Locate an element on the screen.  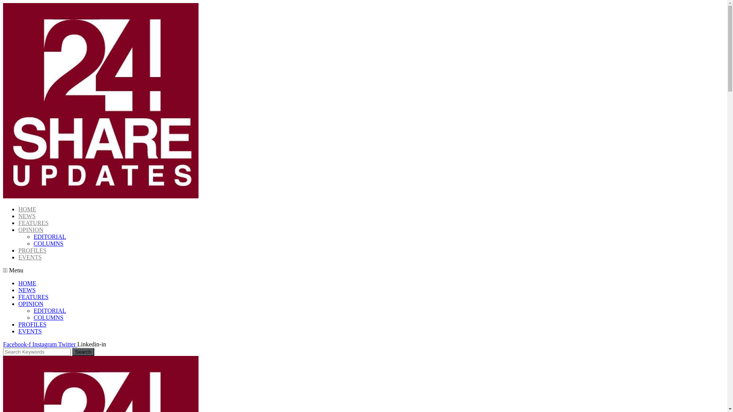
'Search' is located at coordinates (36, 352).